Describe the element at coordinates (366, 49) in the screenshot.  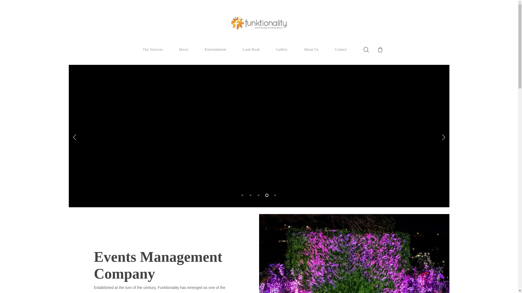
I see `'search'` at that location.